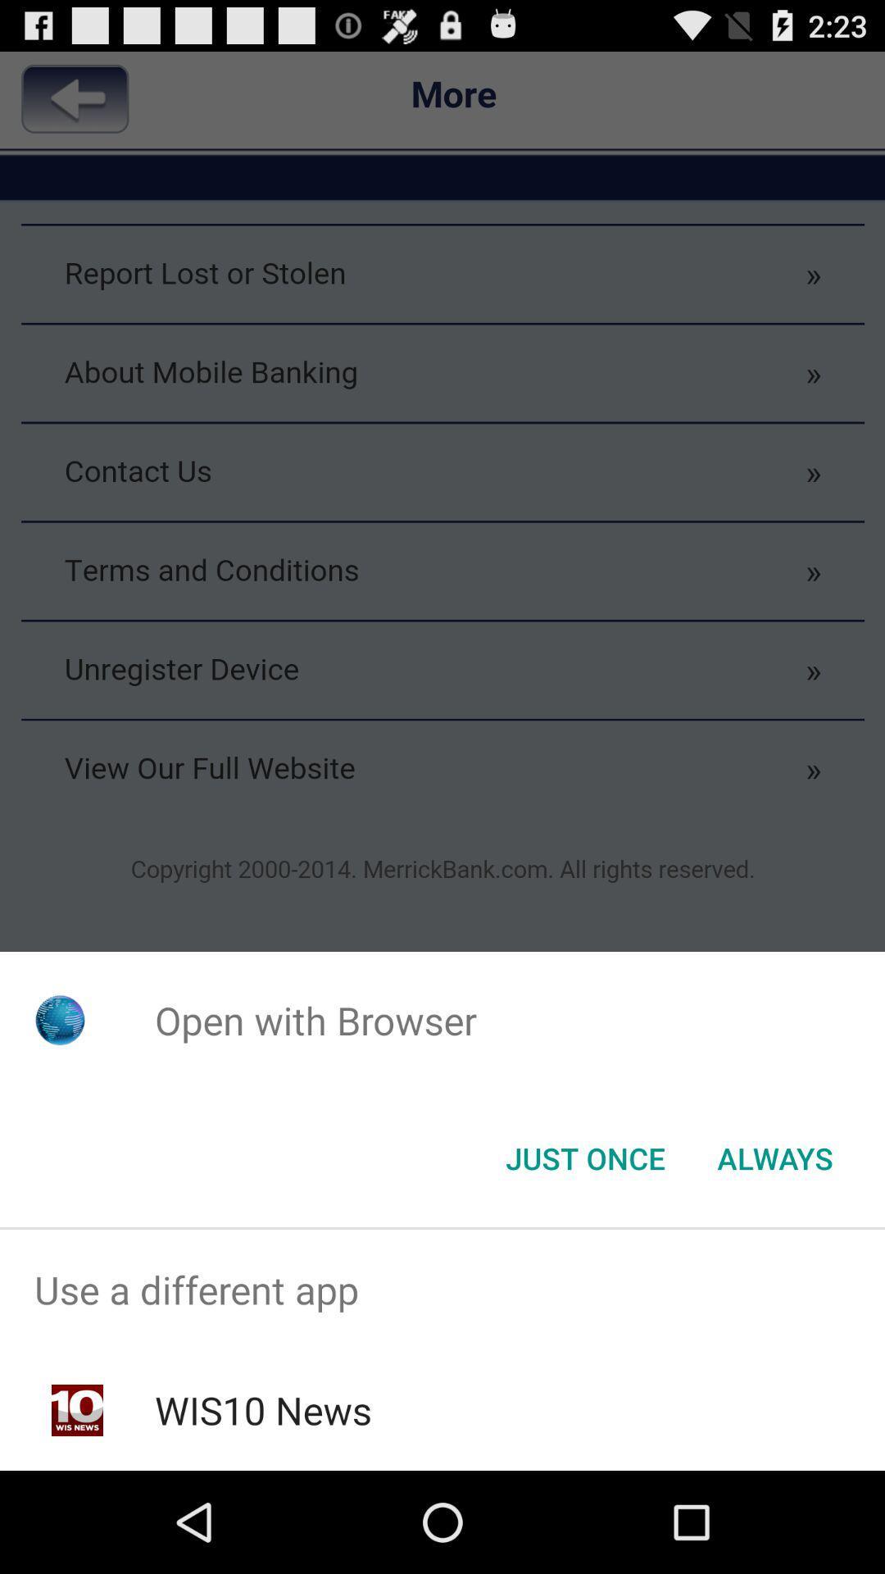 The width and height of the screenshot is (885, 1574). Describe the element at coordinates (442, 1289) in the screenshot. I see `the item above the wis10 news app` at that location.